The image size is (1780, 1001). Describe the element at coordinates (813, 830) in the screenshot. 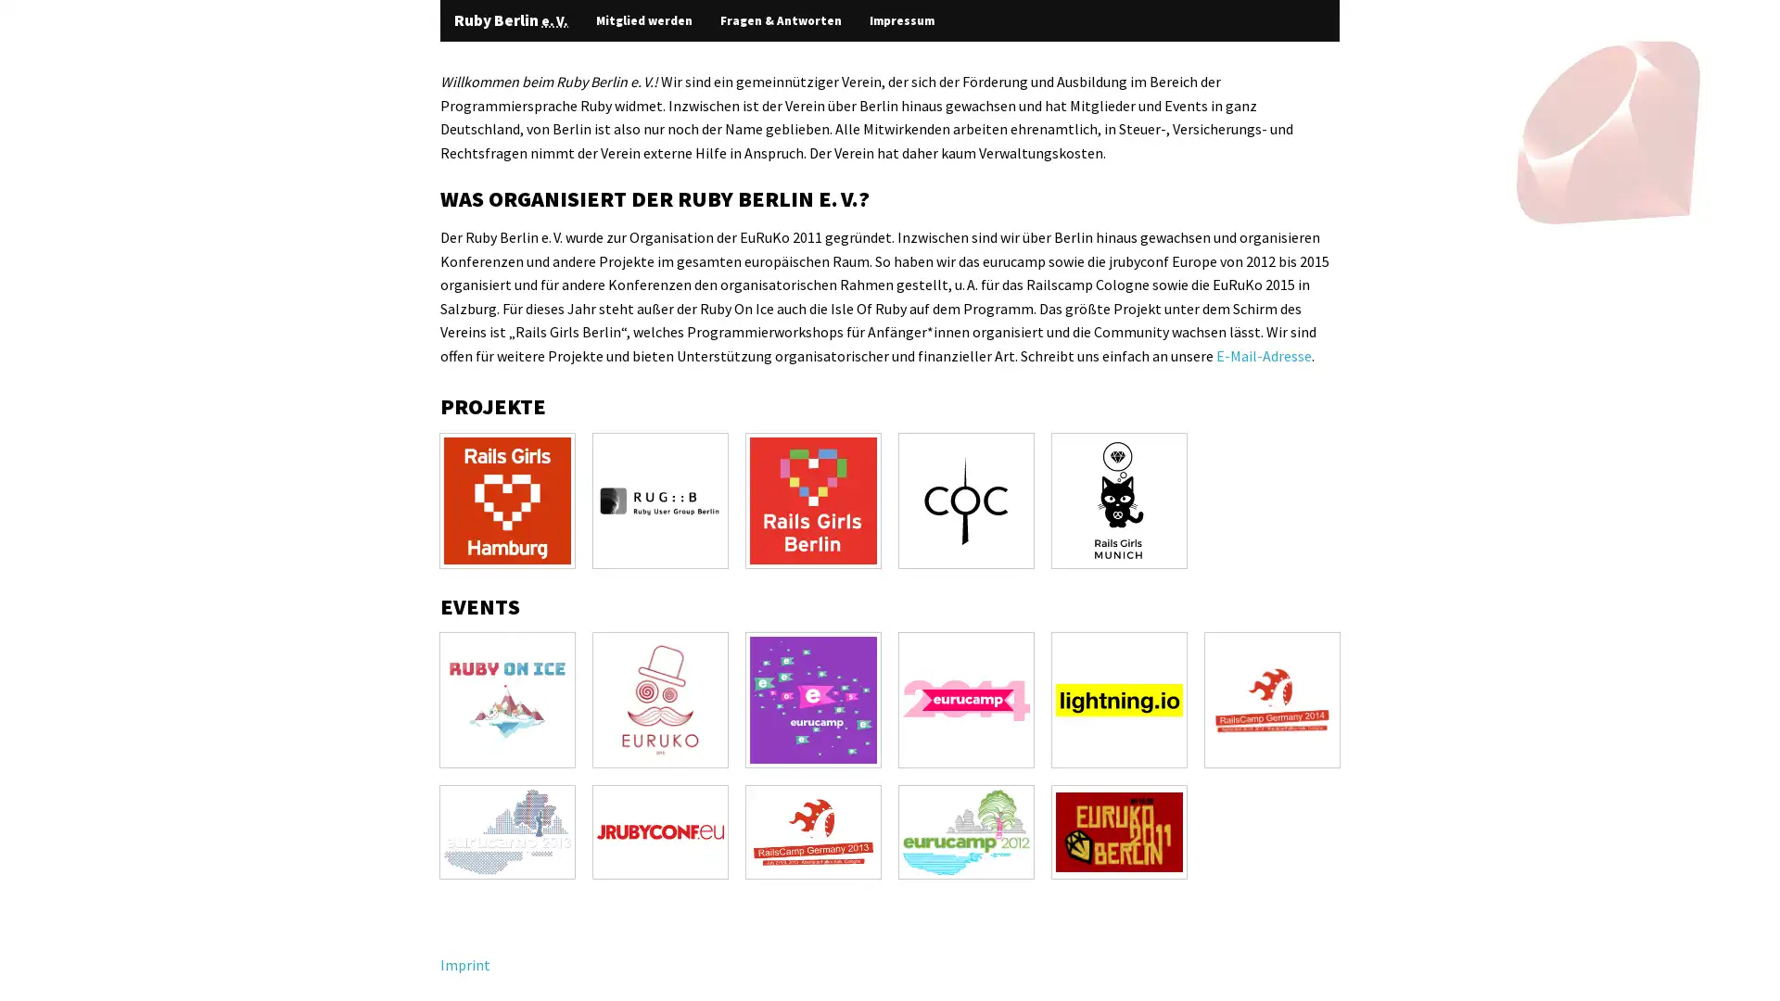

I see `Railscamp 2013` at that location.